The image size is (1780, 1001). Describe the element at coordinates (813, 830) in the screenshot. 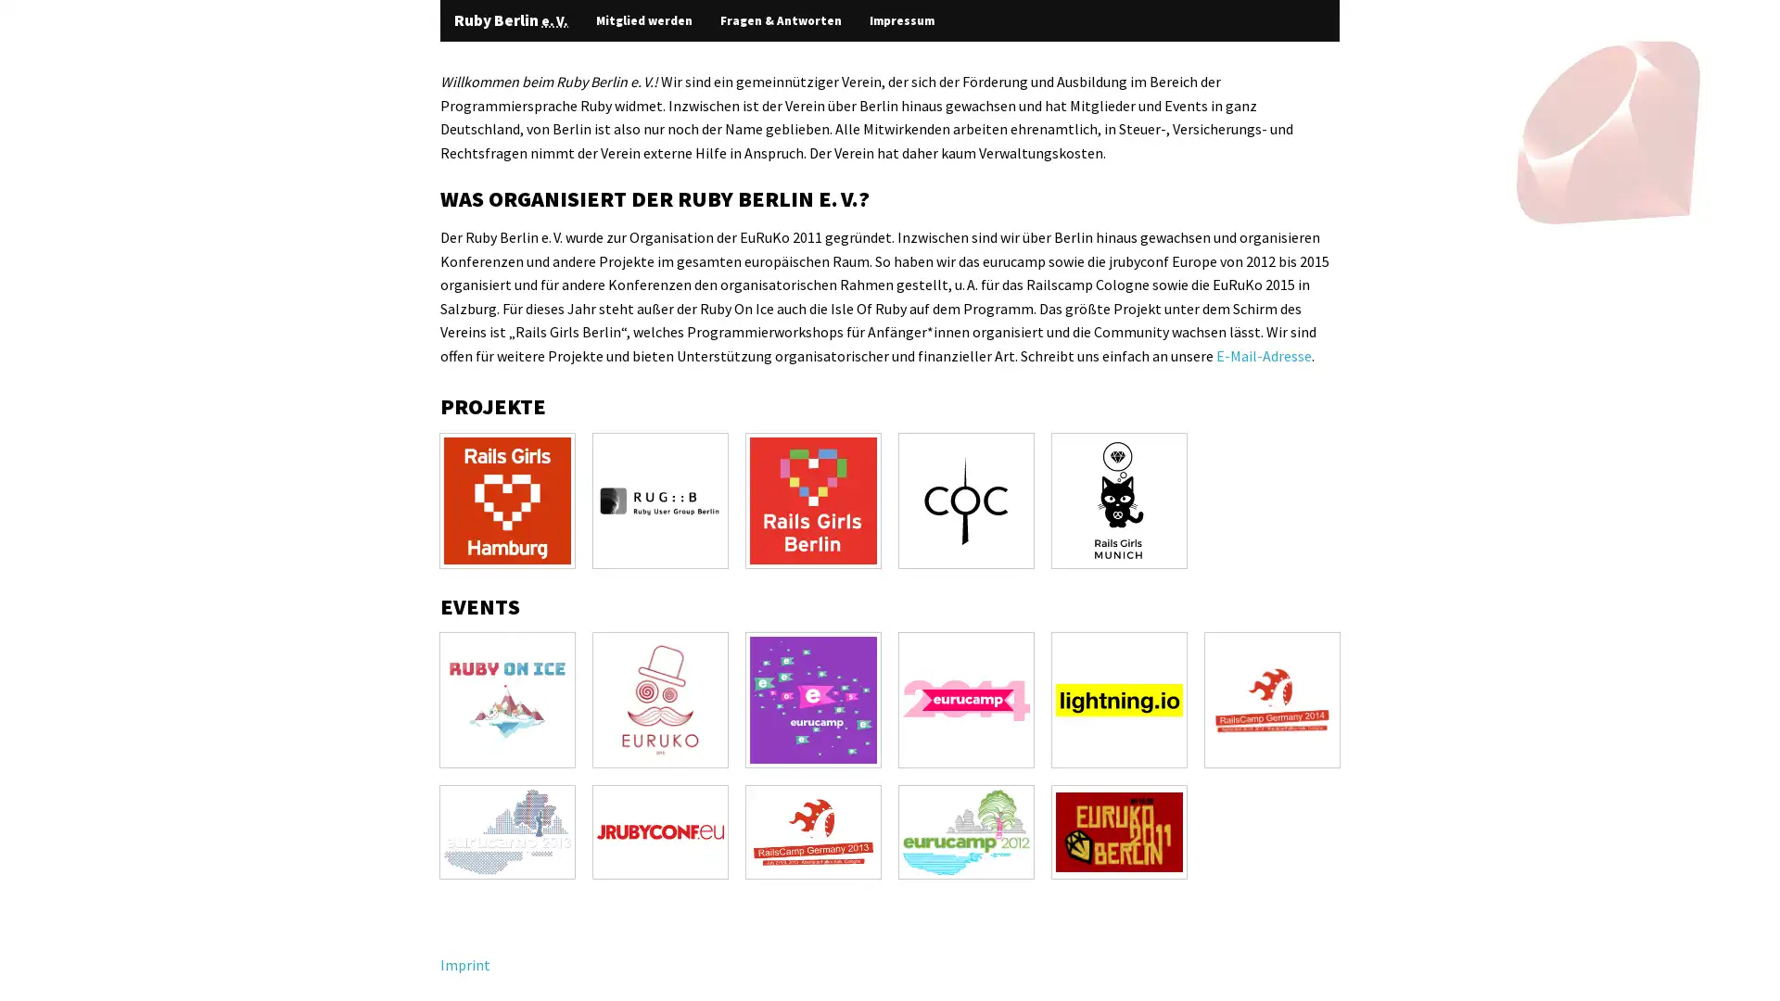

I see `Railscamp 2013` at that location.